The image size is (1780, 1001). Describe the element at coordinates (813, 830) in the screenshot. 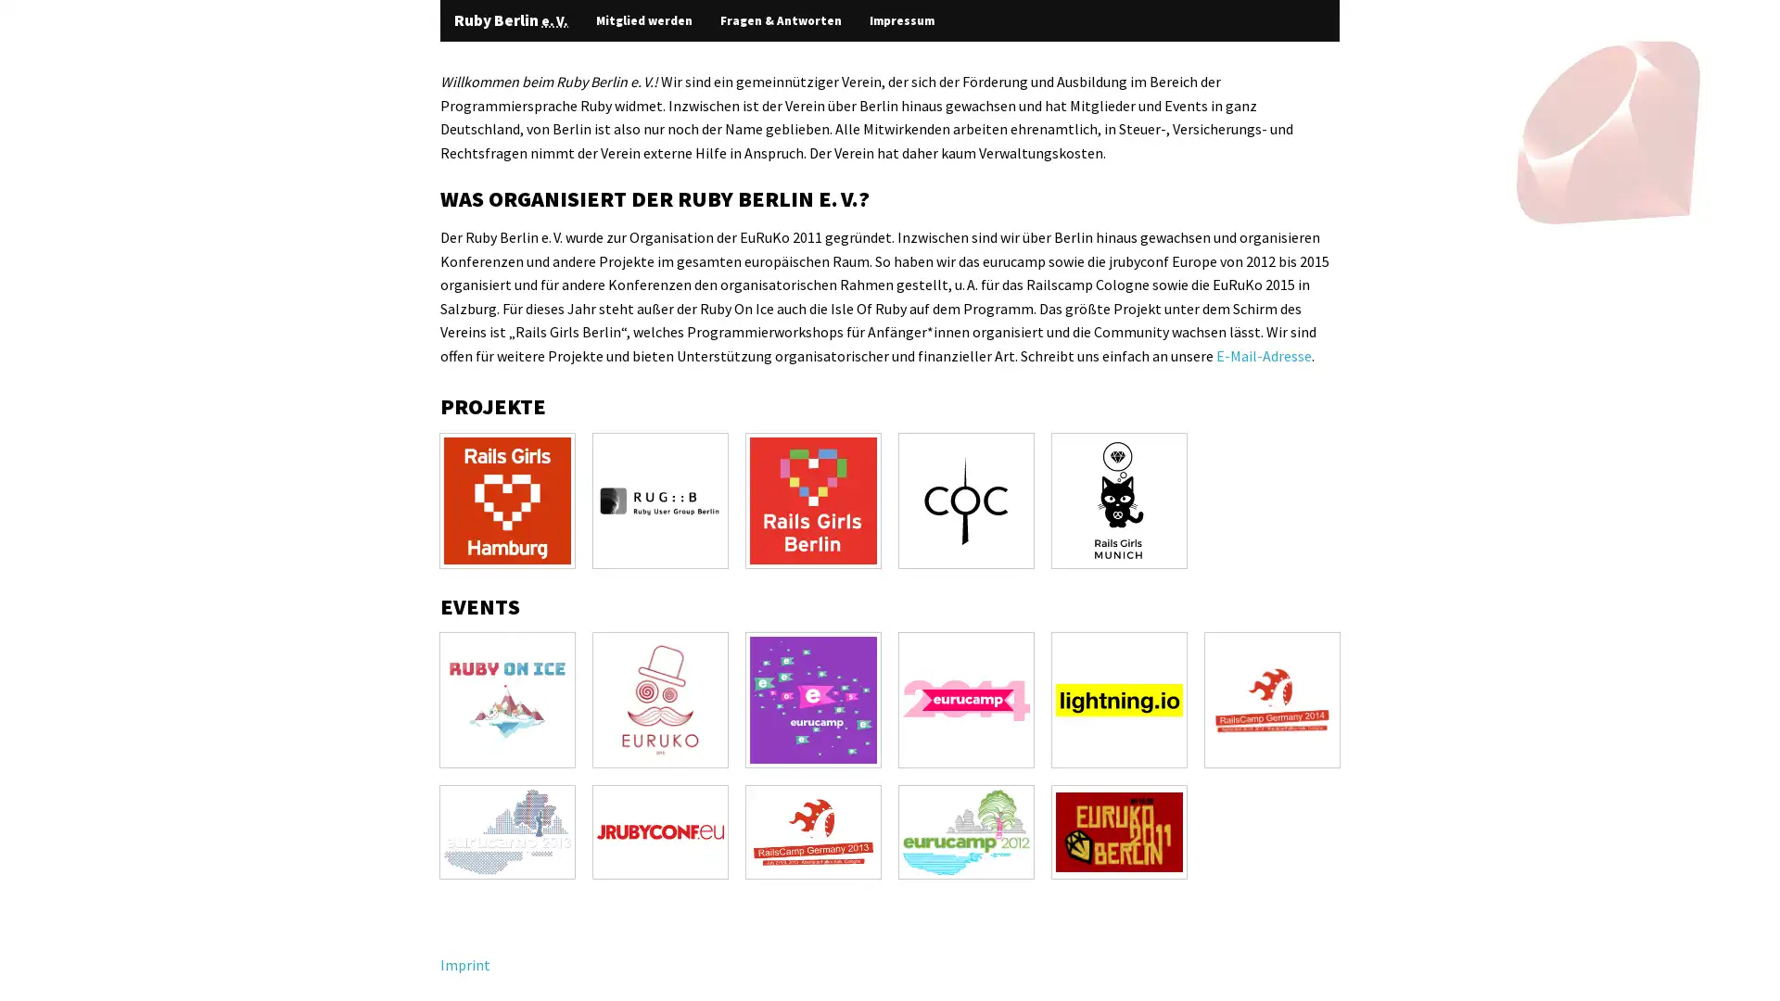

I see `Railscamp 2013` at that location.